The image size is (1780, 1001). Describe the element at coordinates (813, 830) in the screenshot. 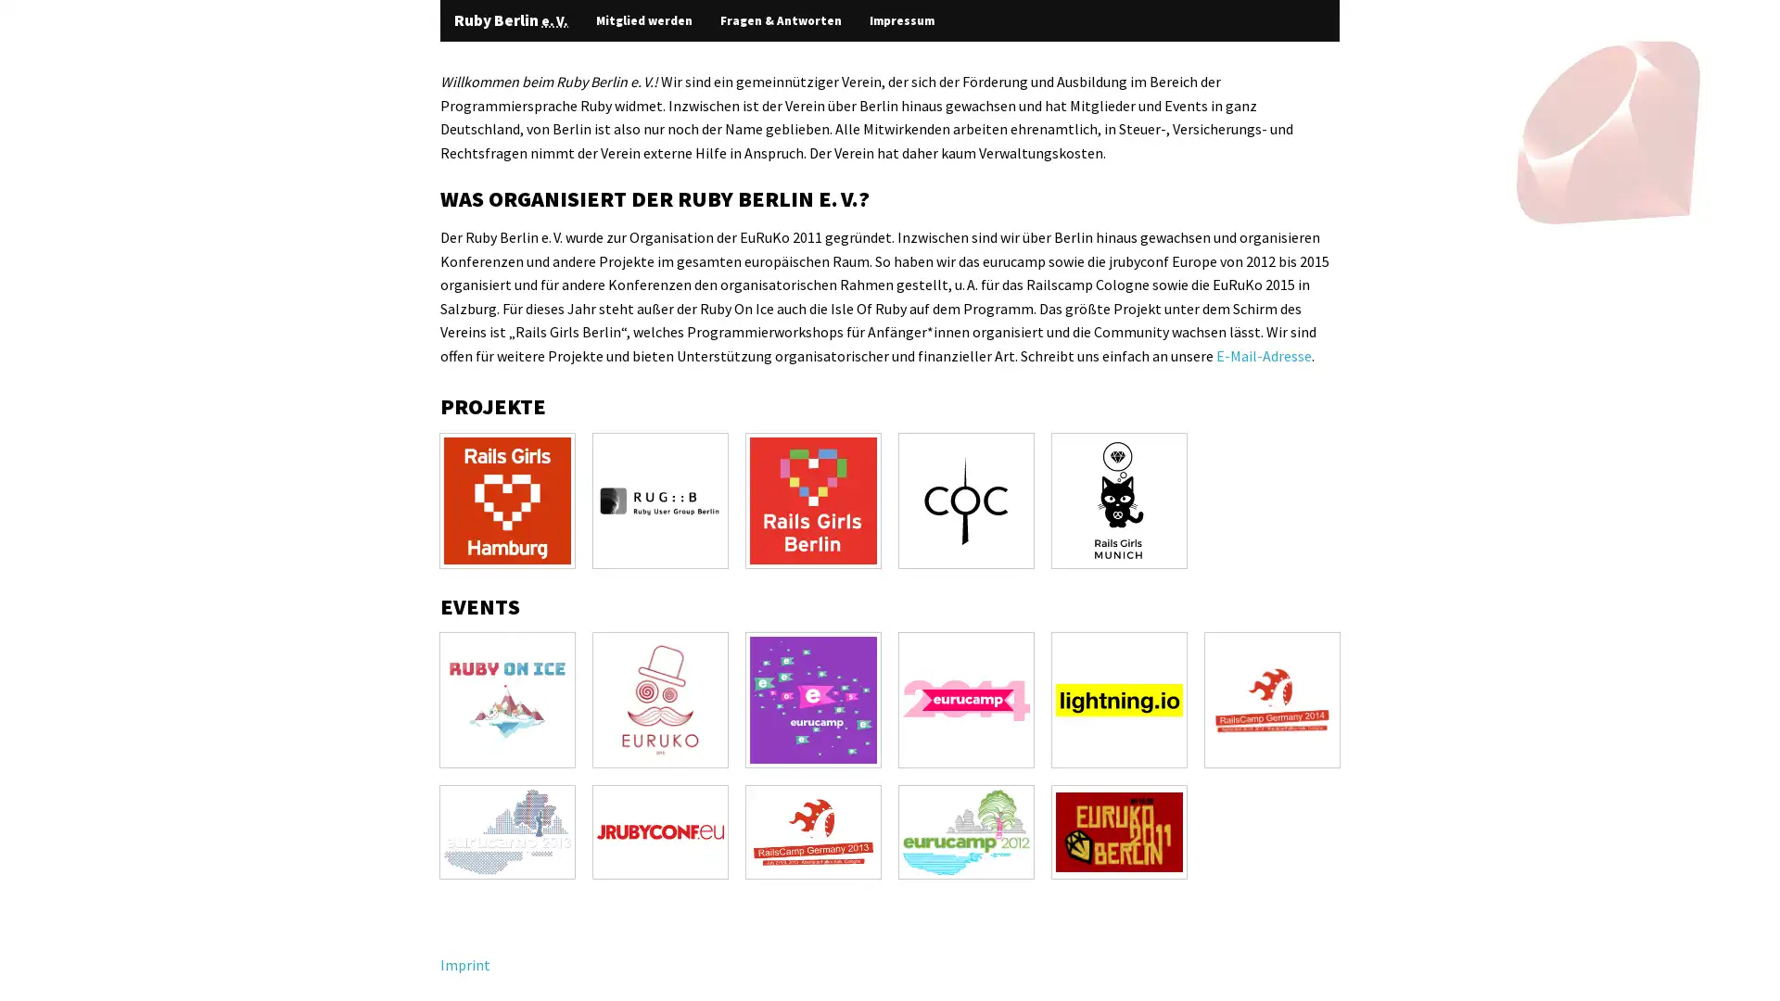

I see `Railscamp 2013` at that location.